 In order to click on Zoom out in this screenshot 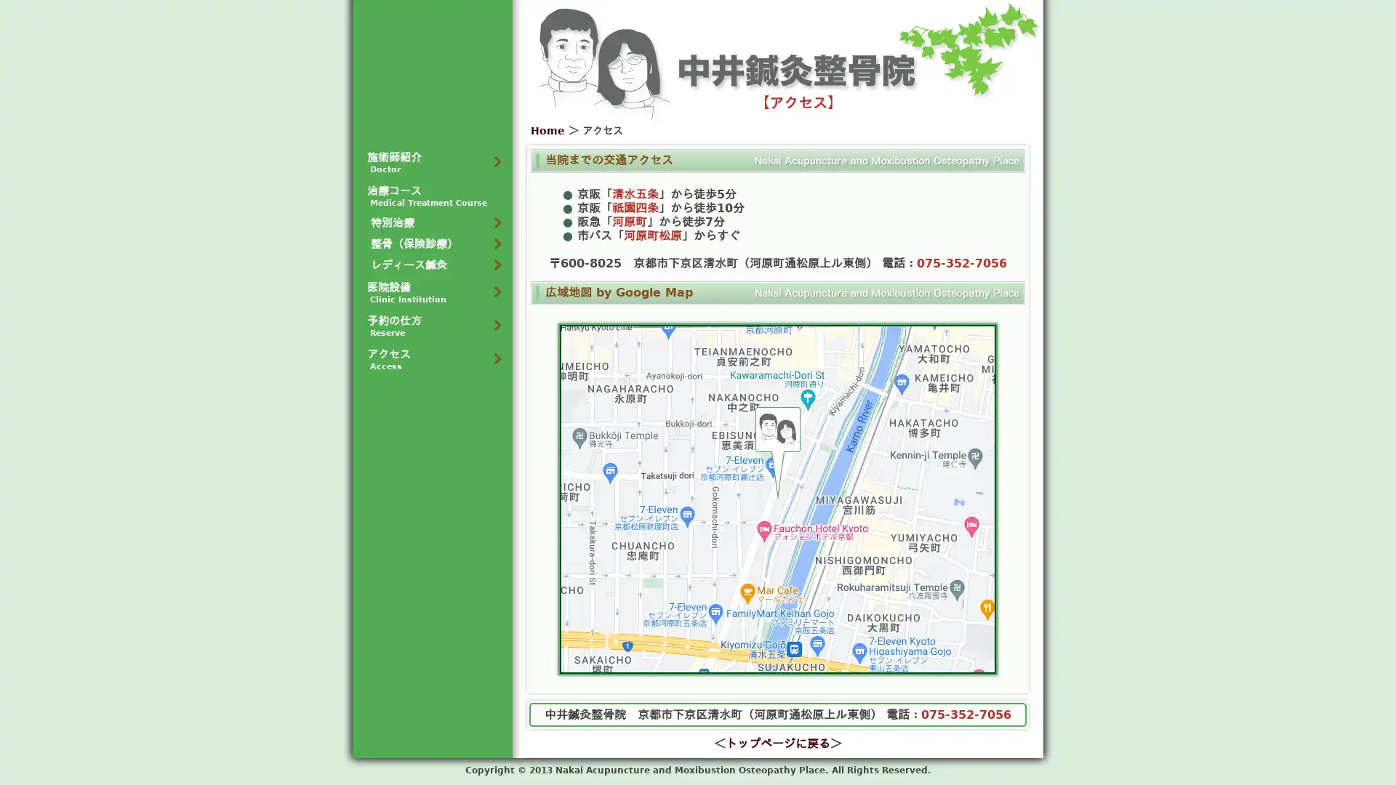, I will do `click(973, 639)`.